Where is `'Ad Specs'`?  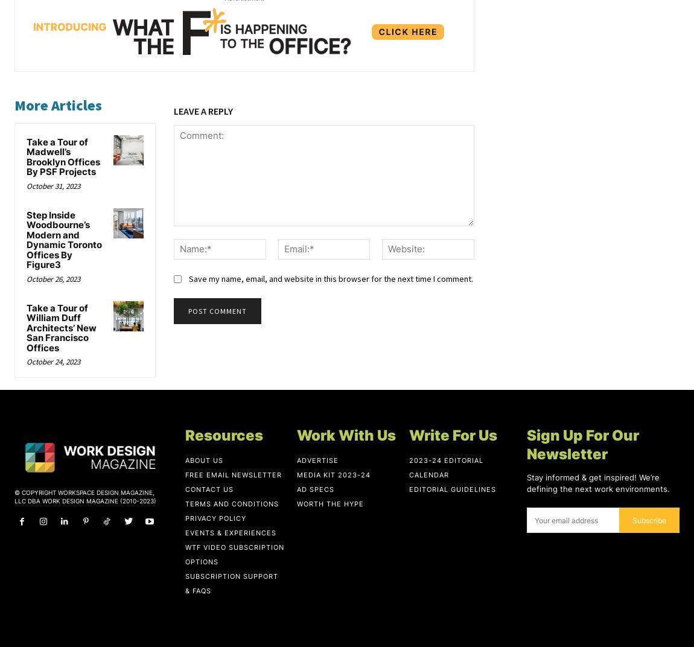 'Ad Specs' is located at coordinates (316, 488).